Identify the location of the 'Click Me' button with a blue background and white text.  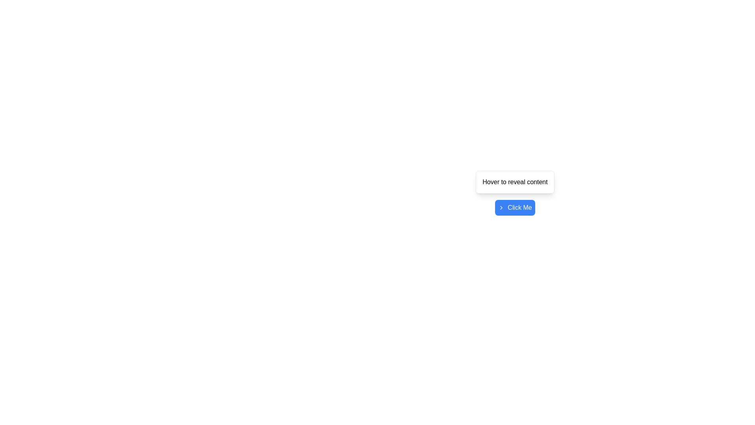
(515, 207).